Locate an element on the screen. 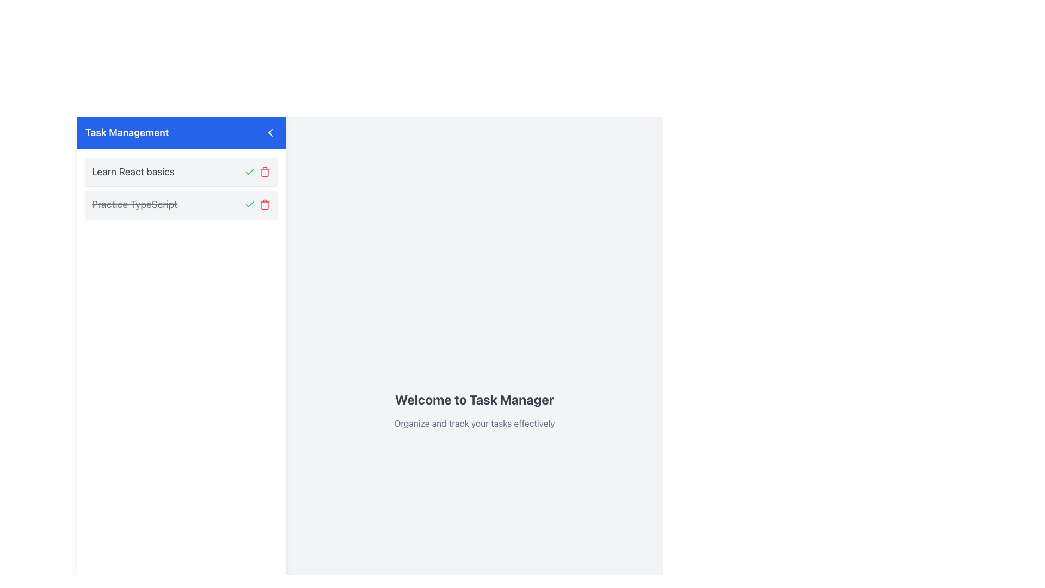  the 'Task Management' text label, which is a bold, white font header aligned to the left in a bright blue background, to trigger the tooltip display is located at coordinates (127, 132).